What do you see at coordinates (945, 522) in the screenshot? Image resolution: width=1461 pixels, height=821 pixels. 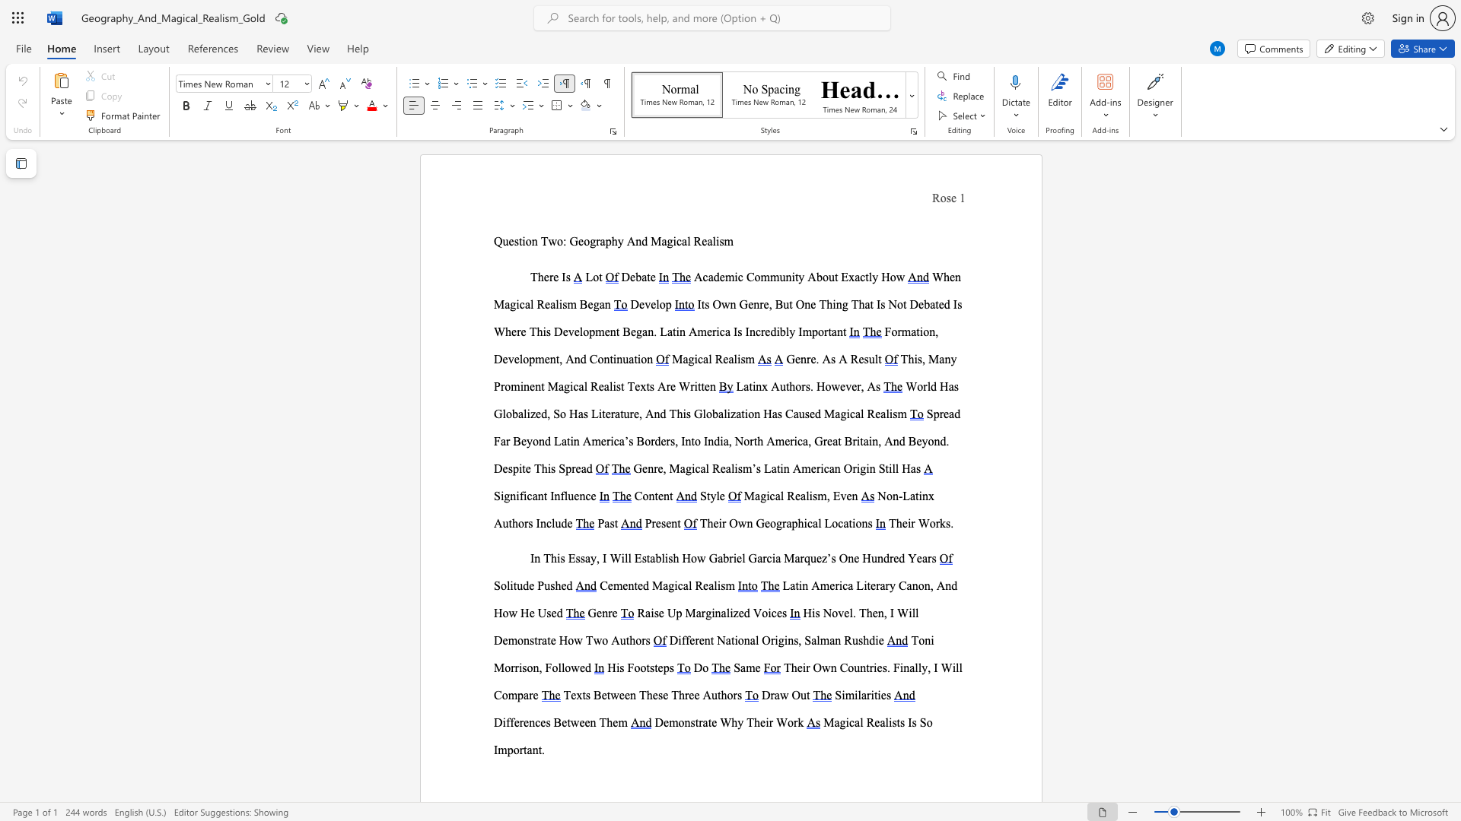 I see `the subset text "s." within the text "Their Works."` at bounding box center [945, 522].